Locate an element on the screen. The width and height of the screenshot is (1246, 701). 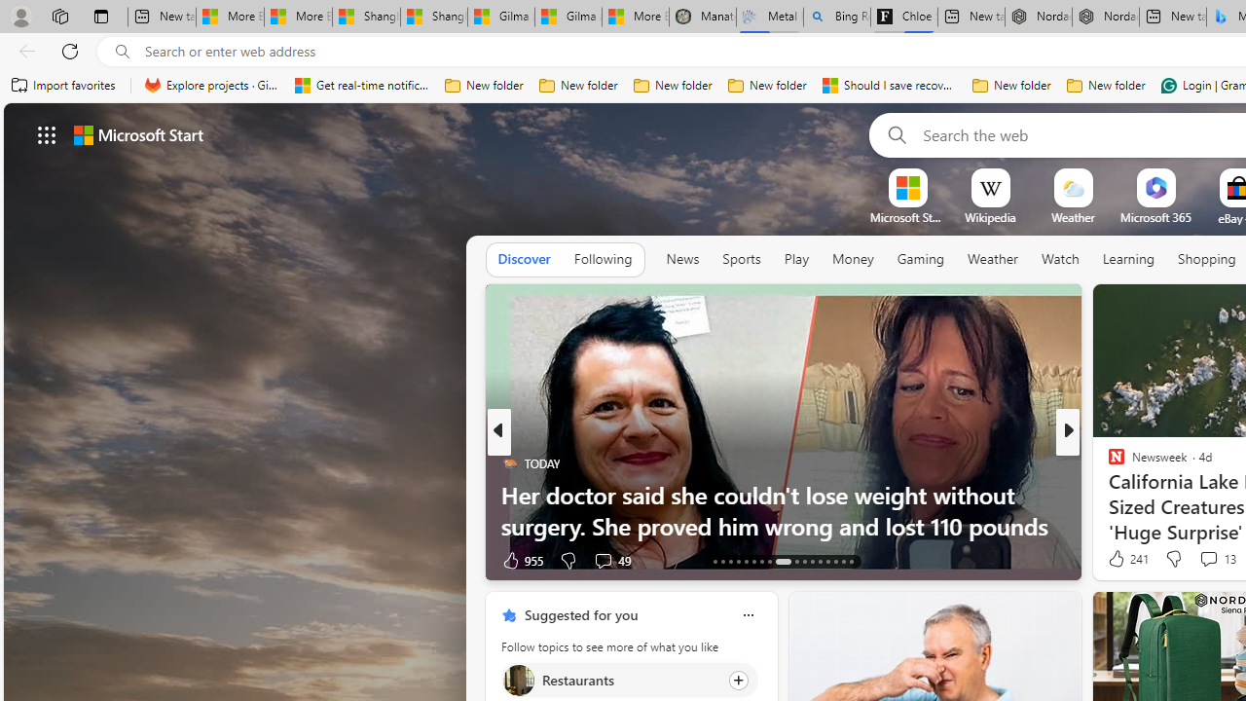
'News' is located at coordinates (682, 259).